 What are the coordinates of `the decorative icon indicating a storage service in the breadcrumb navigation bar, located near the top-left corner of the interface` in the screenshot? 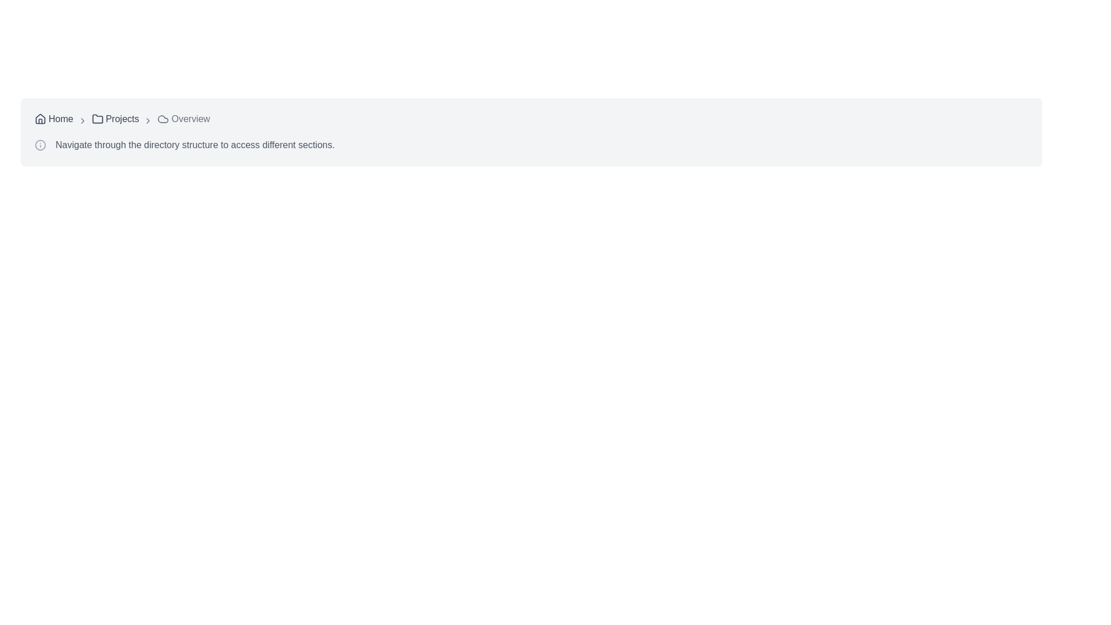 It's located at (163, 119).